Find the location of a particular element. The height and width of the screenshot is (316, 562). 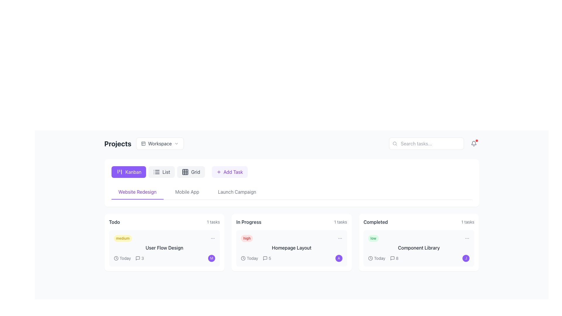

the clock icon represented by the SVG Circle located near the upper-right corner of the interface, adjacent to the notification and user profile imagery is located at coordinates (370, 258).